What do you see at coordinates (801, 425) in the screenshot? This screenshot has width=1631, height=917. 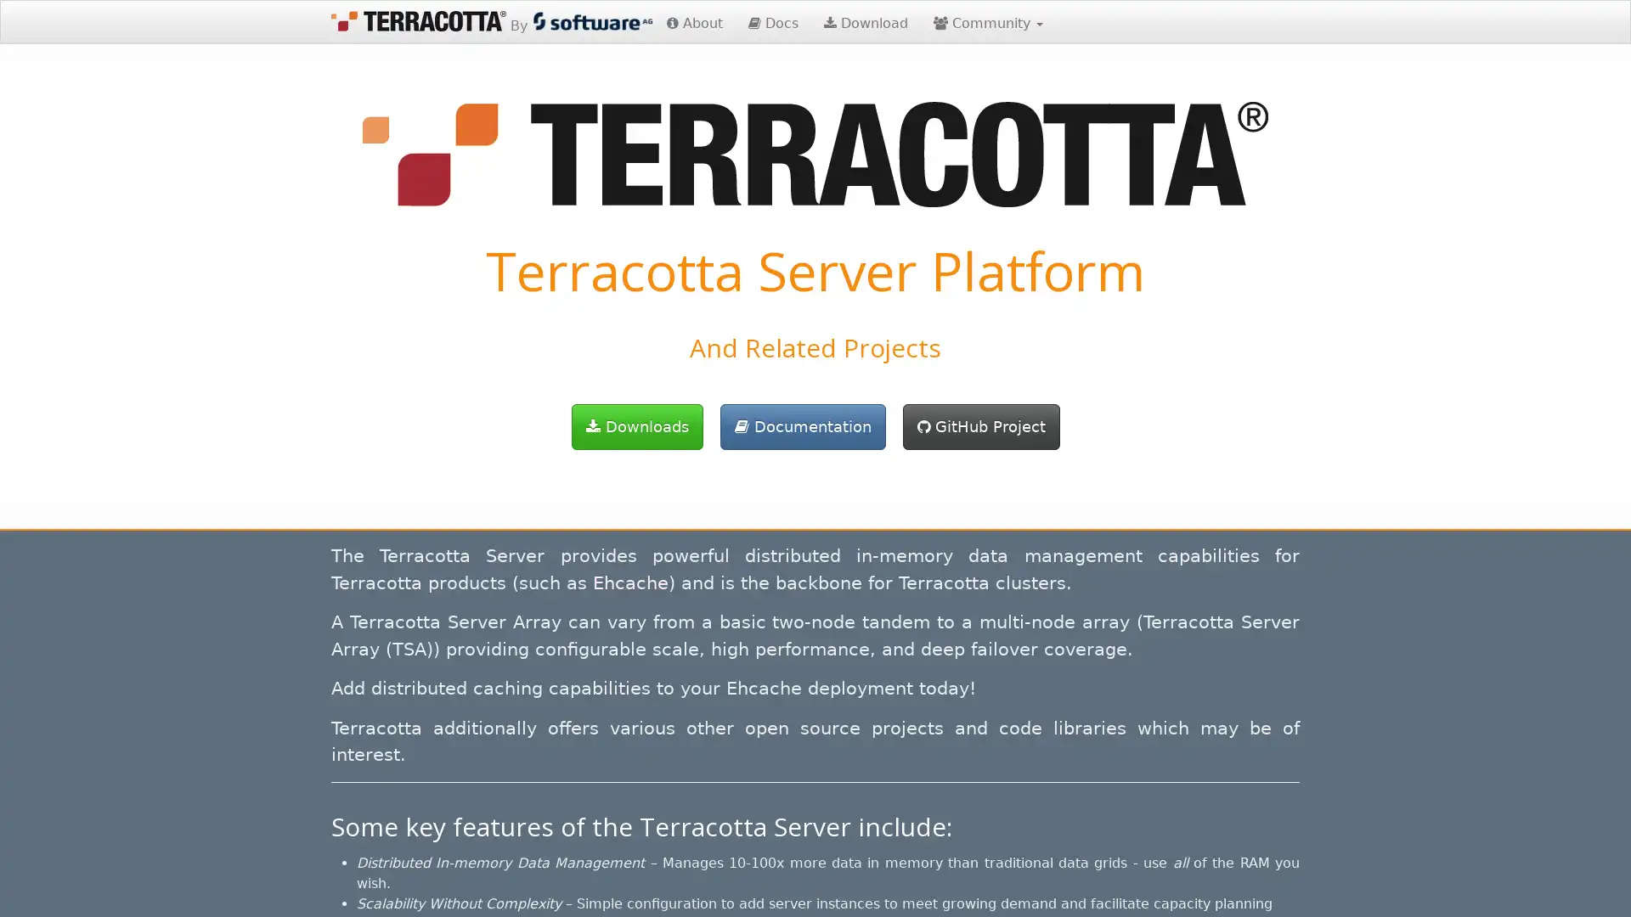 I see `Documentation` at bounding box center [801, 425].